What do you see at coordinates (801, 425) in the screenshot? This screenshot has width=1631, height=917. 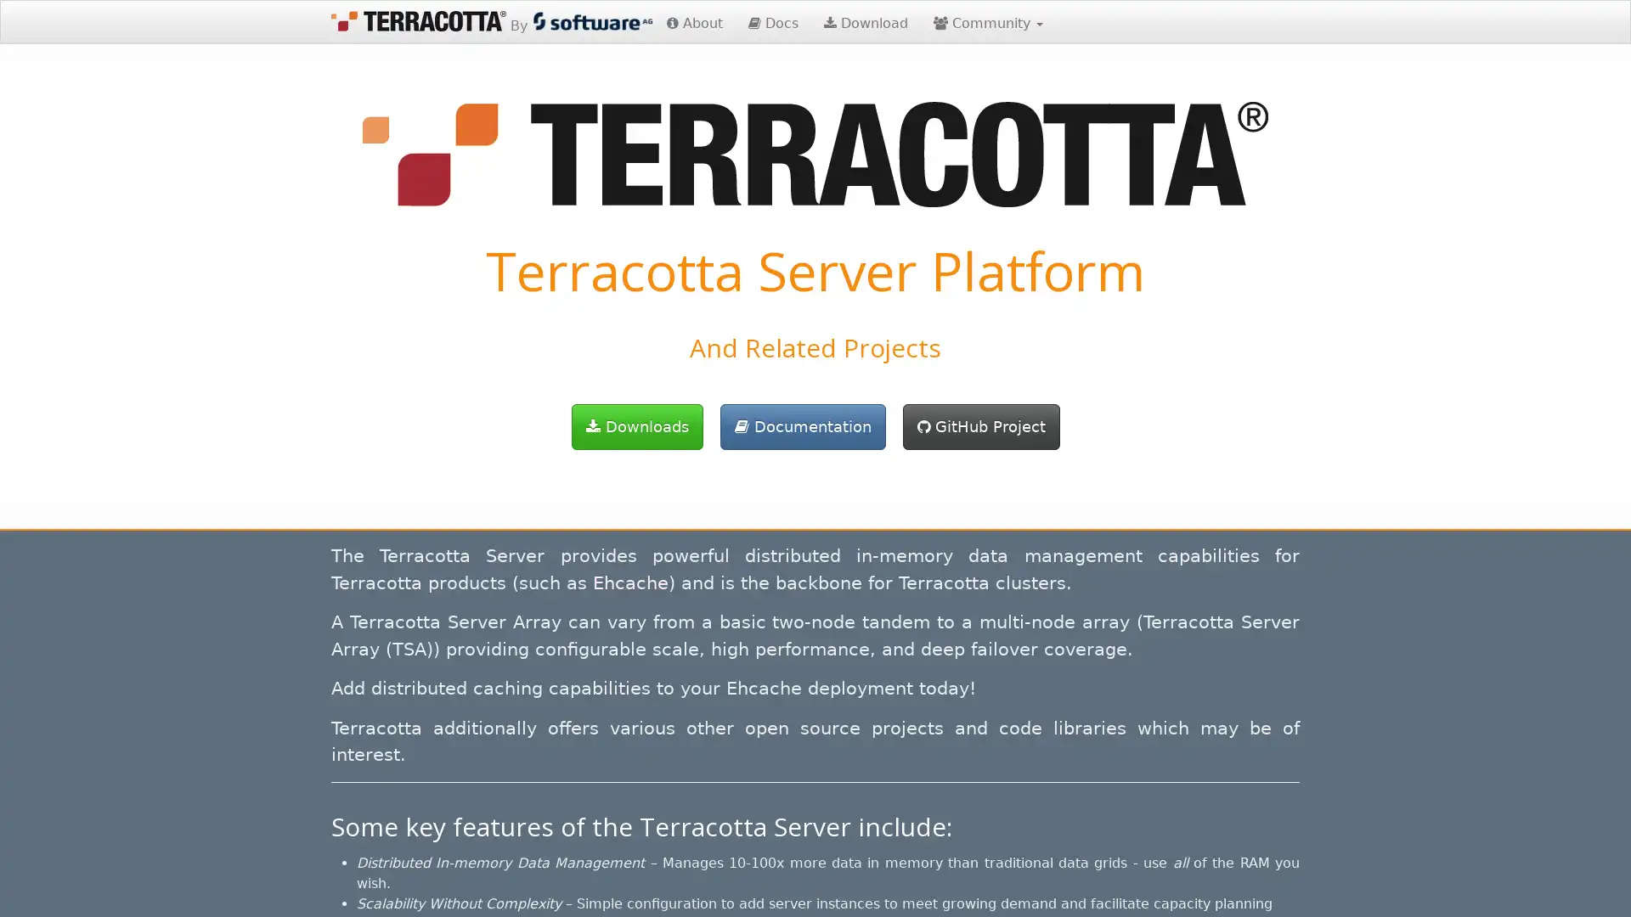 I see `Documentation` at bounding box center [801, 425].